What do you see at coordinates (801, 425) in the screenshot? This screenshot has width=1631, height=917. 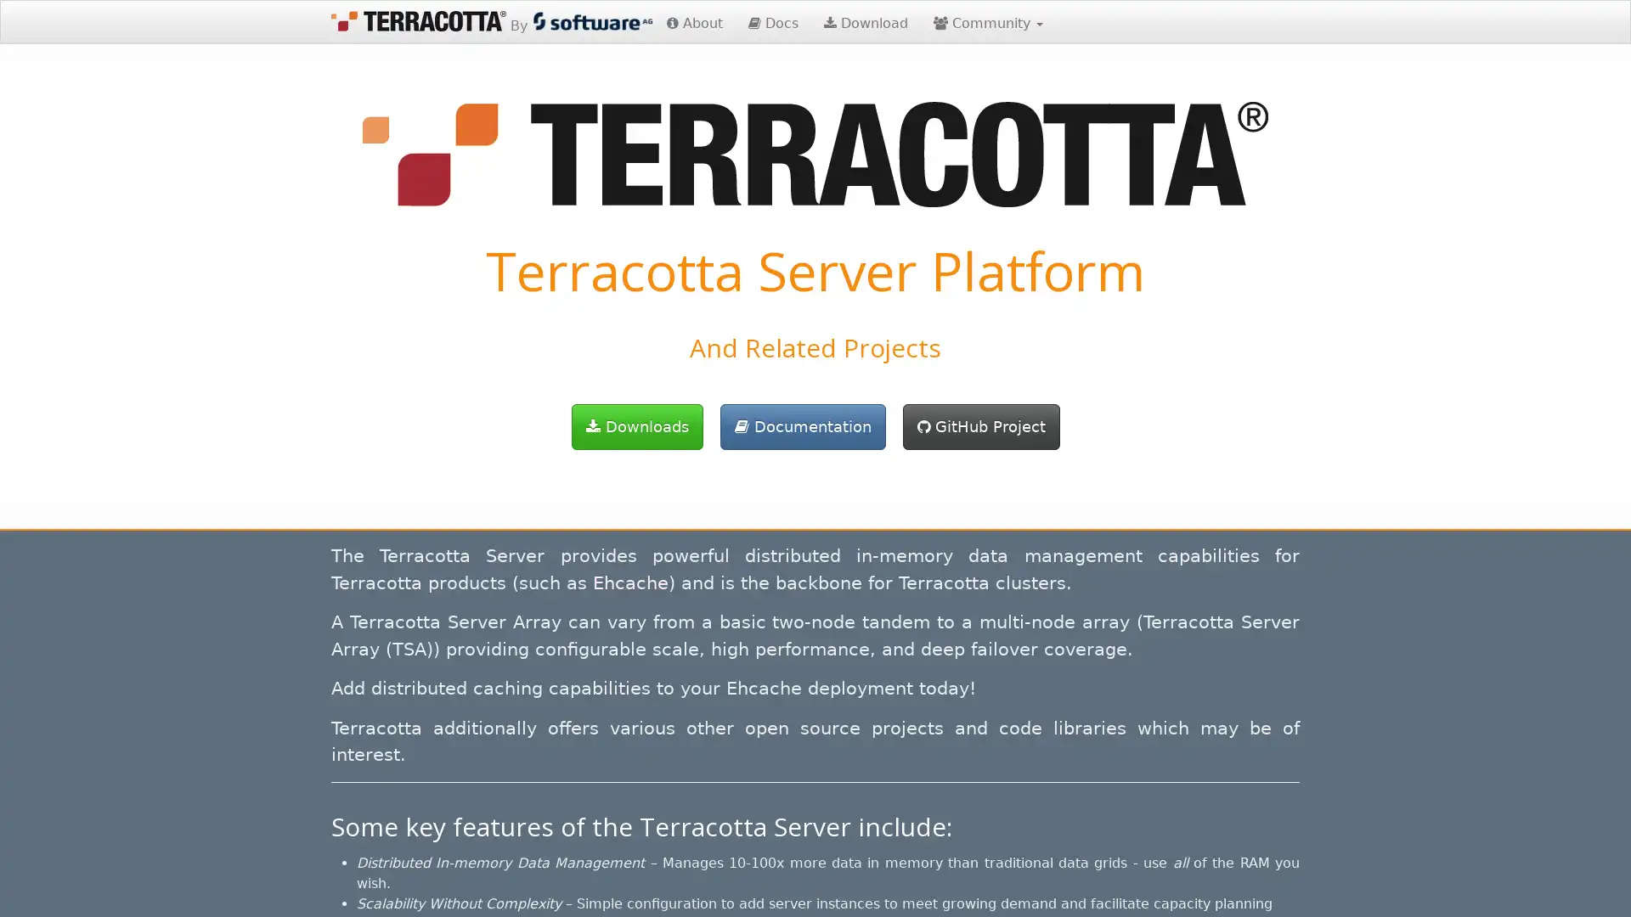 I see `Documentation` at bounding box center [801, 425].